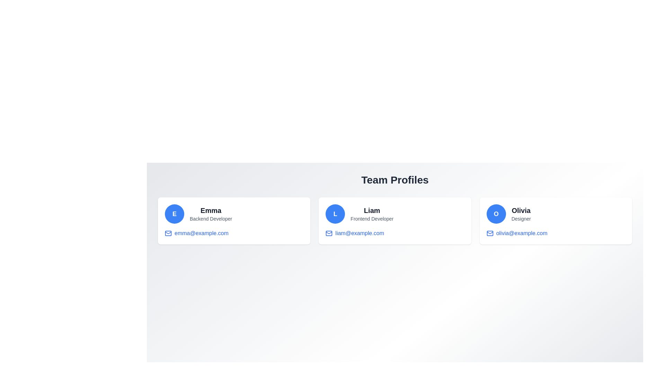 Image resolution: width=665 pixels, height=374 pixels. What do you see at coordinates (359, 233) in the screenshot?
I see `the text display showing the email address 'liam@example.com' located under the envelope icon in the 'Liam Frontend Developer' contact card` at bounding box center [359, 233].